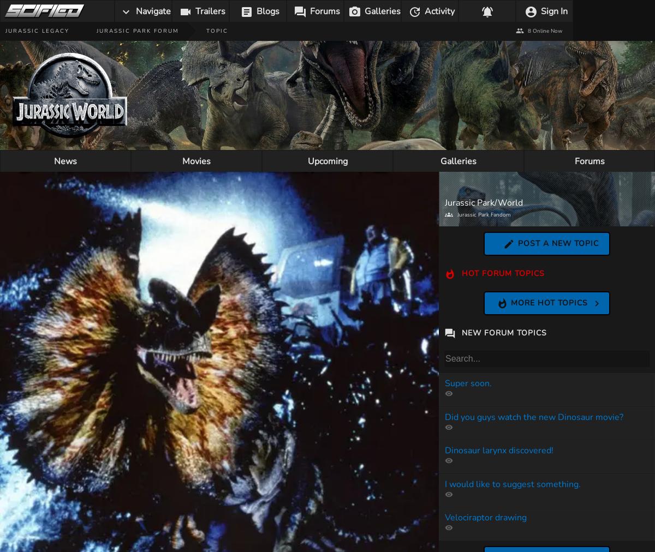 The height and width of the screenshot is (552, 655). I want to click on 'More Hot Topics', so click(549, 302).